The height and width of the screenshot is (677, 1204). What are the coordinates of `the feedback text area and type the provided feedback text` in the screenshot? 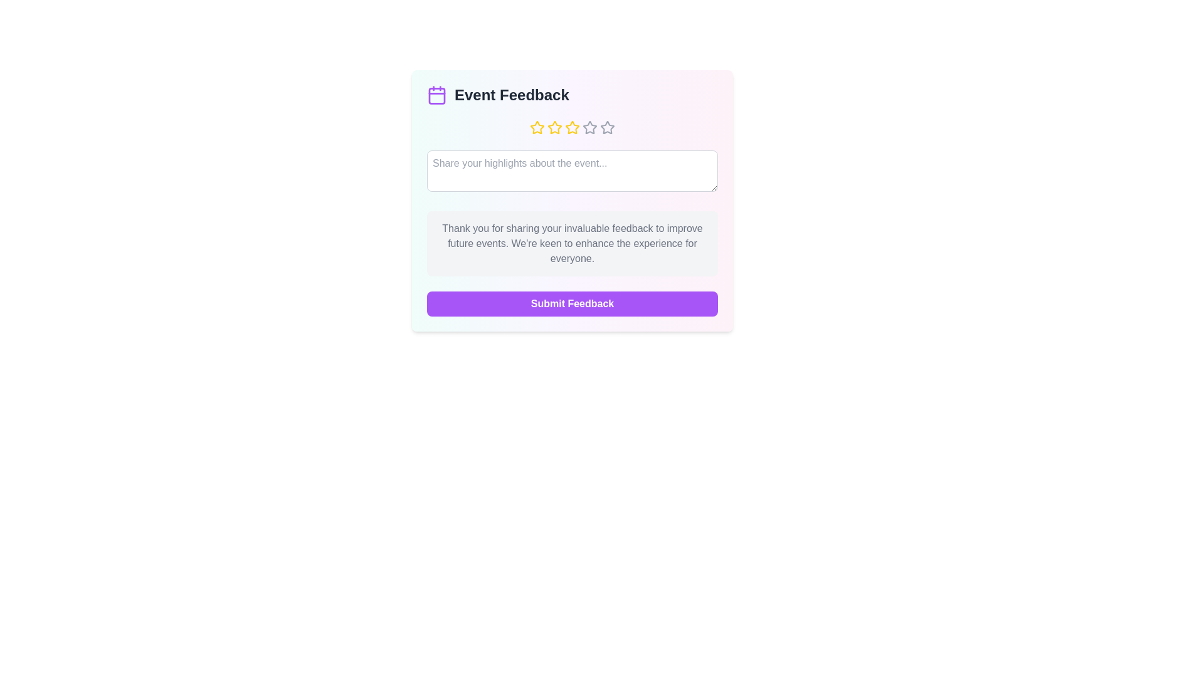 It's located at (571, 171).